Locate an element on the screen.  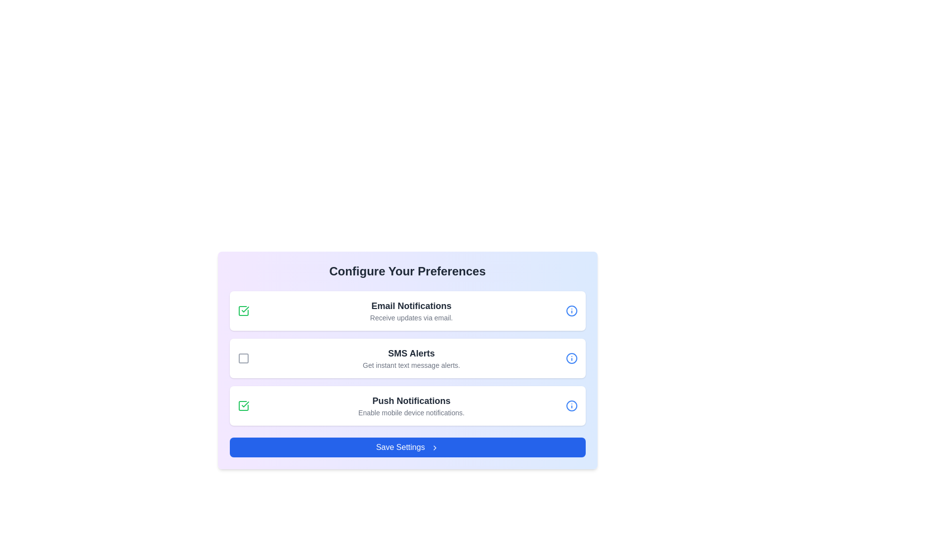
the informational icon located in the top-right corner of the 'SMS Alerts' section is located at coordinates (571, 358).